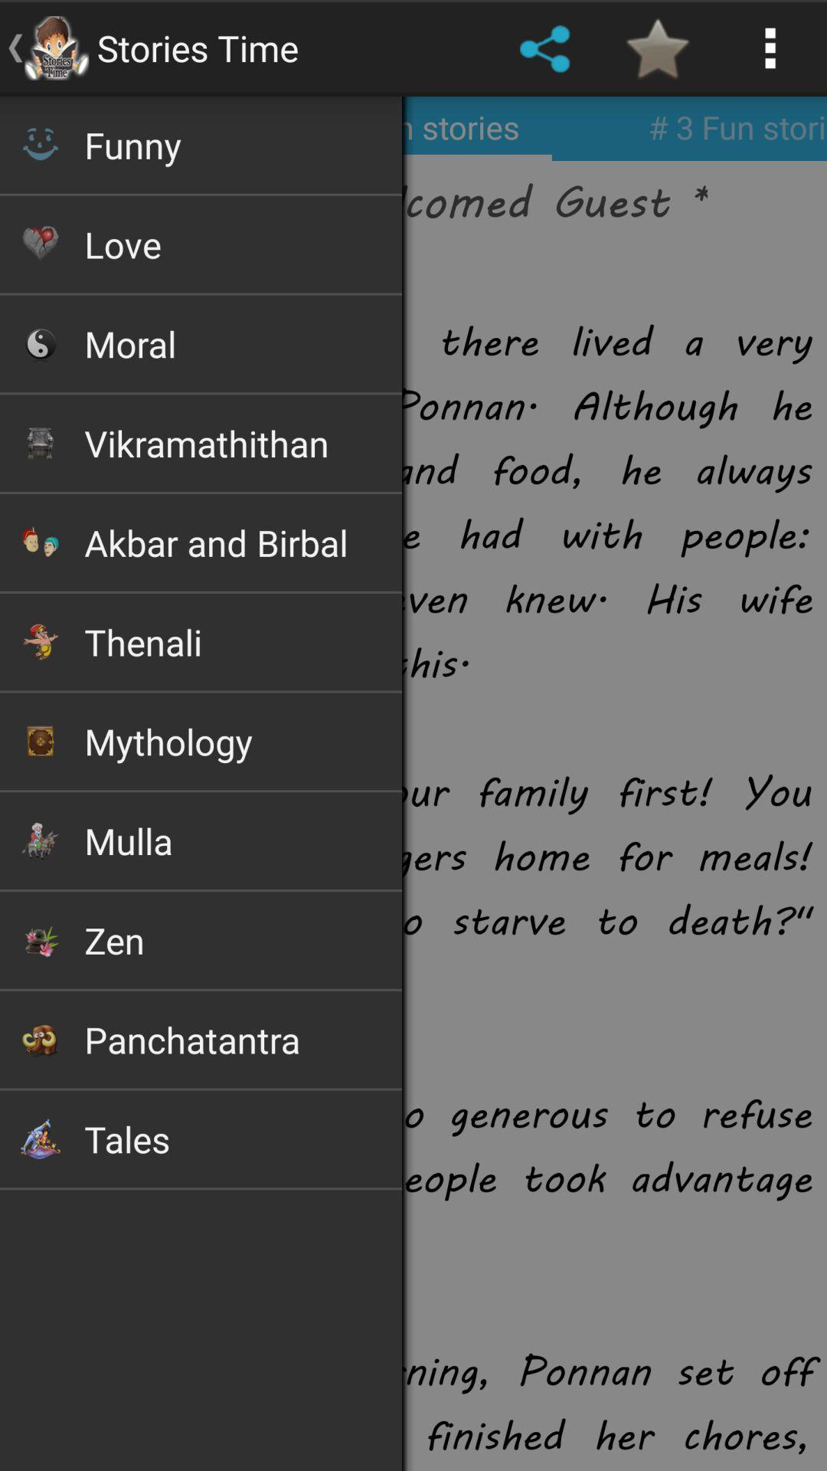 The image size is (827, 1471). I want to click on image left to mythology, so click(39, 741).